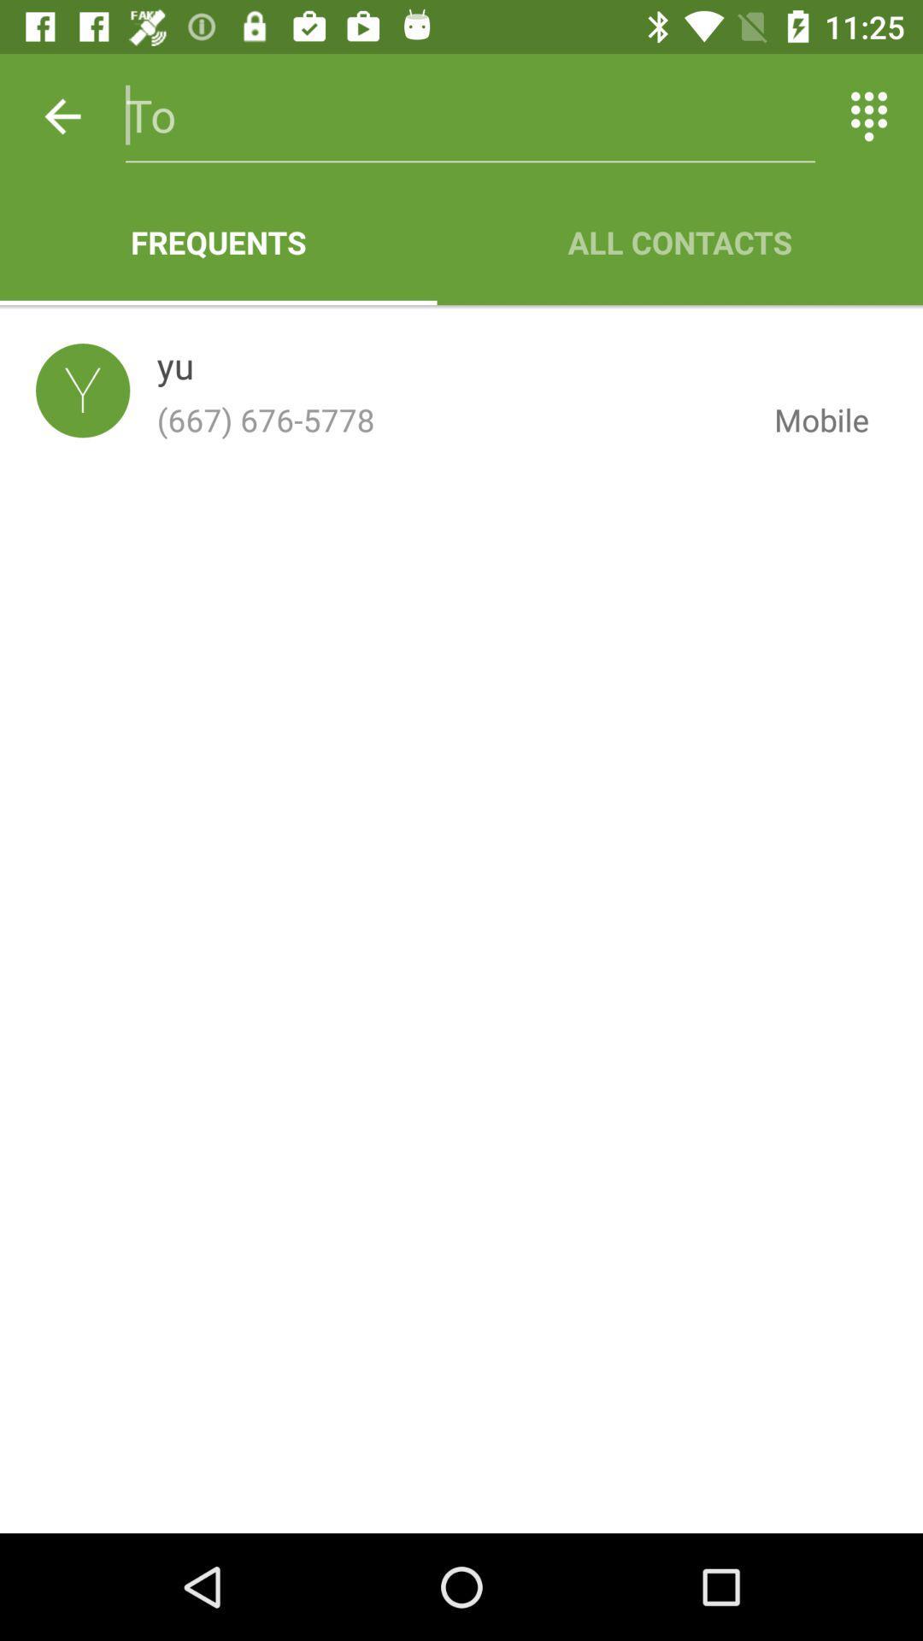  What do you see at coordinates (175, 368) in the screenshot?
I see `item to the left of the mobile` at bounding box center [175, 368].